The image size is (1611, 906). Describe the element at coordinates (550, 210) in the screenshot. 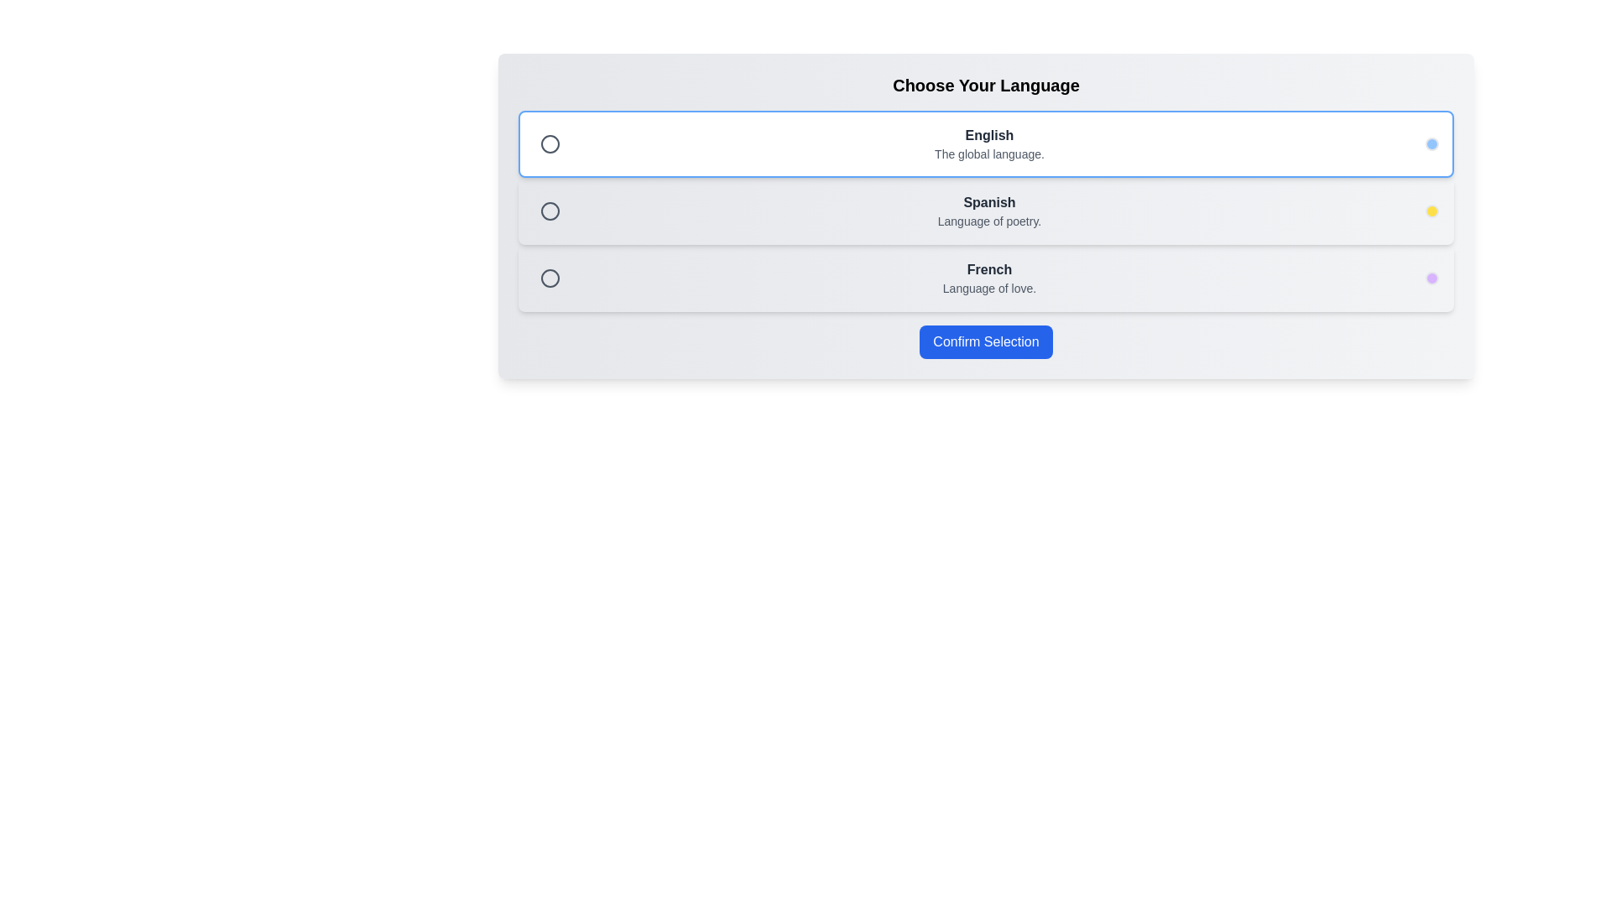

I see `the radio button for the 'Spanish' language option` at that location.